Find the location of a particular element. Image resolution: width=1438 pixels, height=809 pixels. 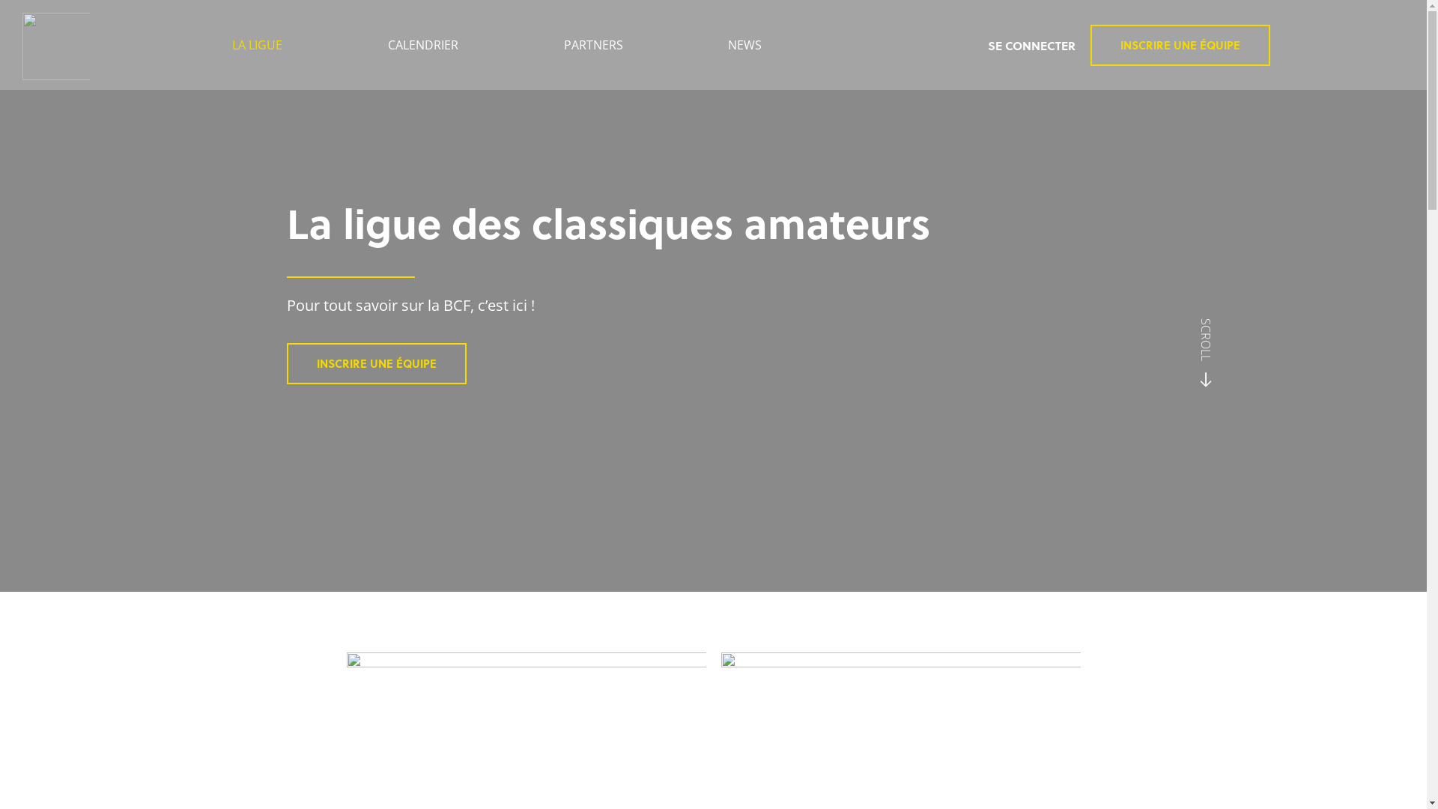

'SE CONNECTER' is located at coordinates (988, 45).